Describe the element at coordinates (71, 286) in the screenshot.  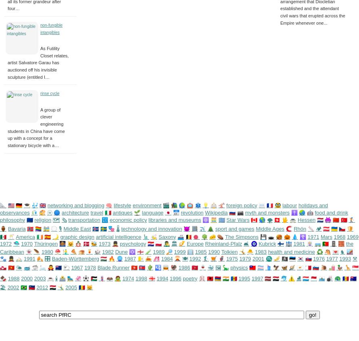
I see `'2005'` at that location.